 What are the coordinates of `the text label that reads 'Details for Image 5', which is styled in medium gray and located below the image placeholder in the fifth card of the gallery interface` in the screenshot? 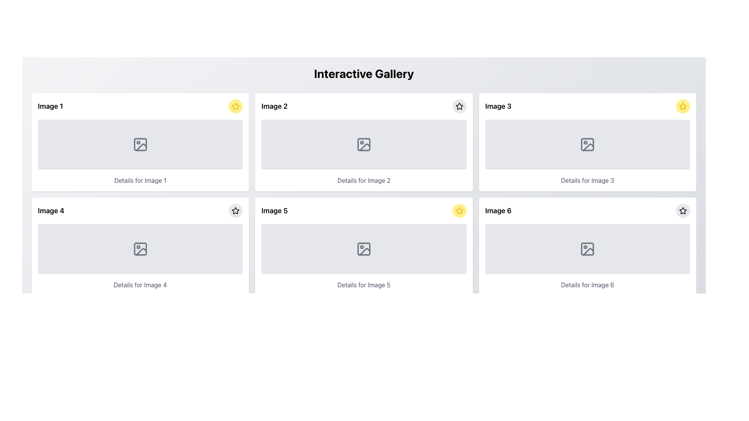 It's located at (363, 285).